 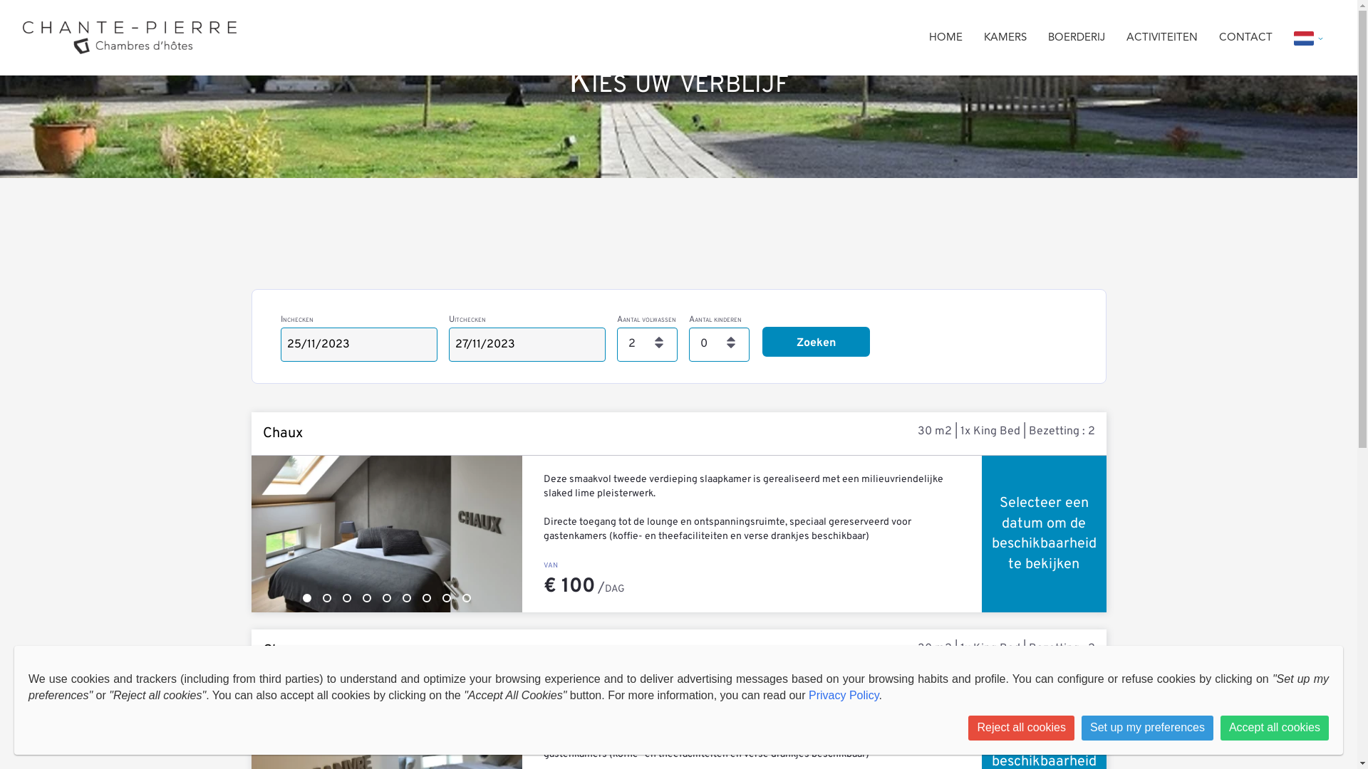 I want to click on 'Reject all cookies', so click(x=1020, y=728).